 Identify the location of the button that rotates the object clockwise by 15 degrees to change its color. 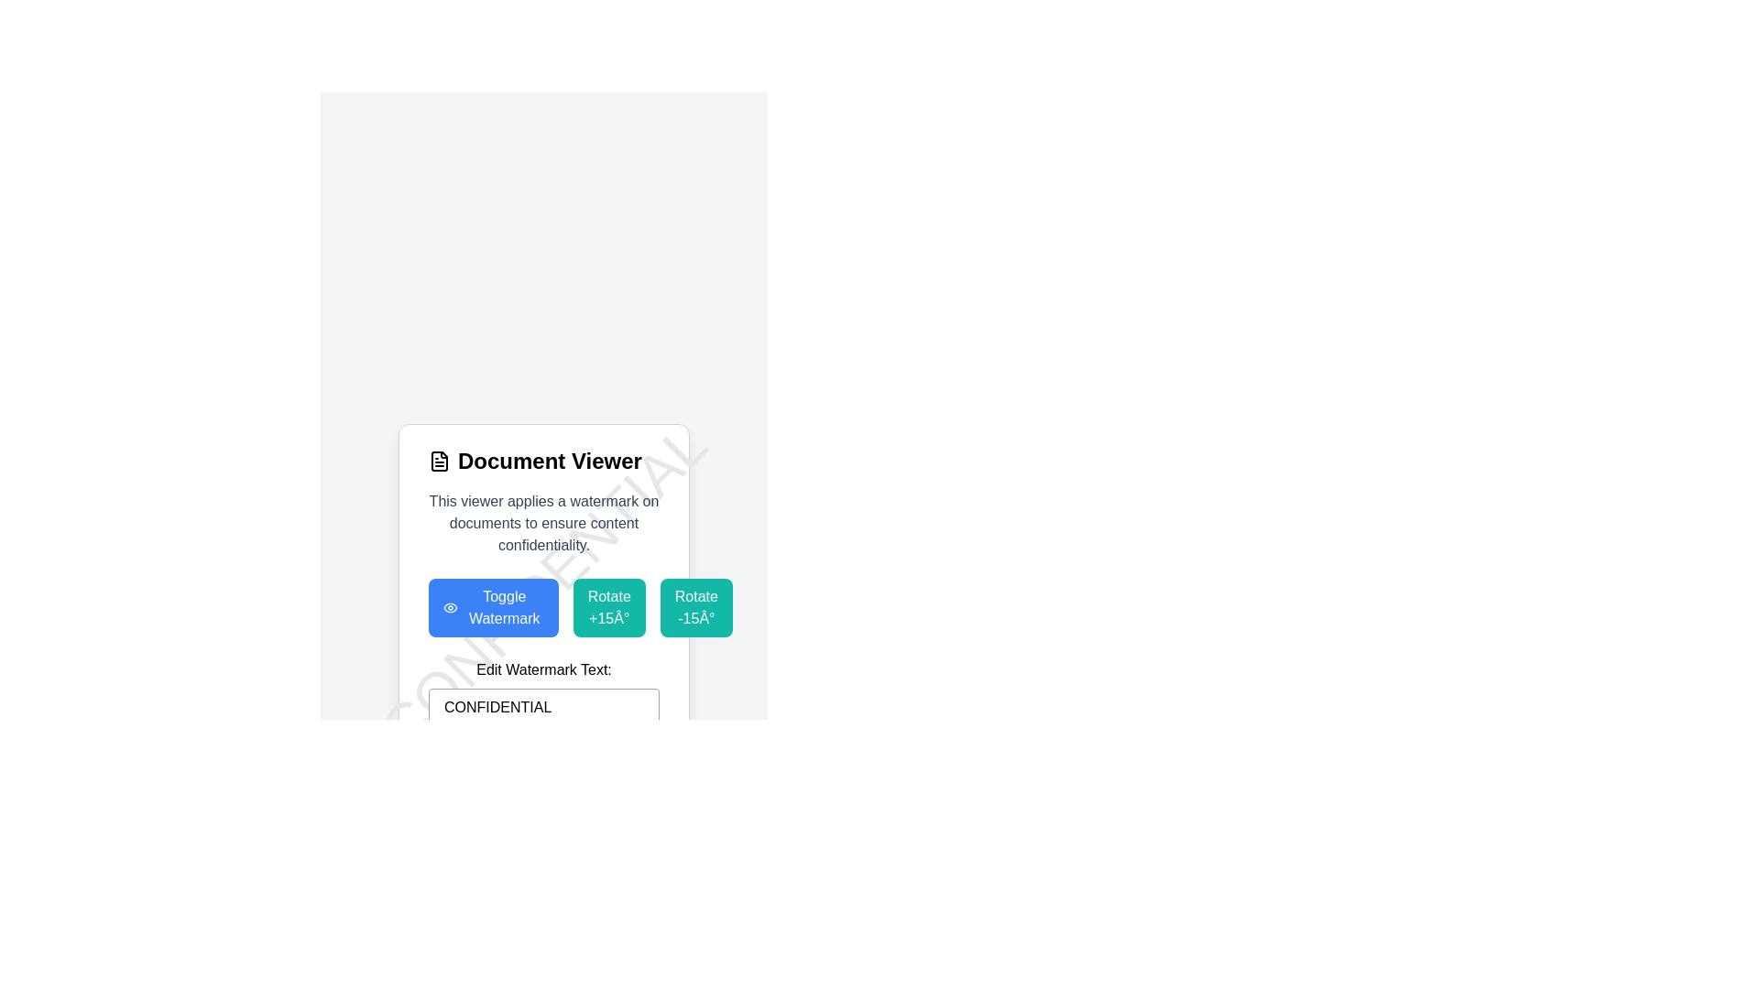
(609, 607).